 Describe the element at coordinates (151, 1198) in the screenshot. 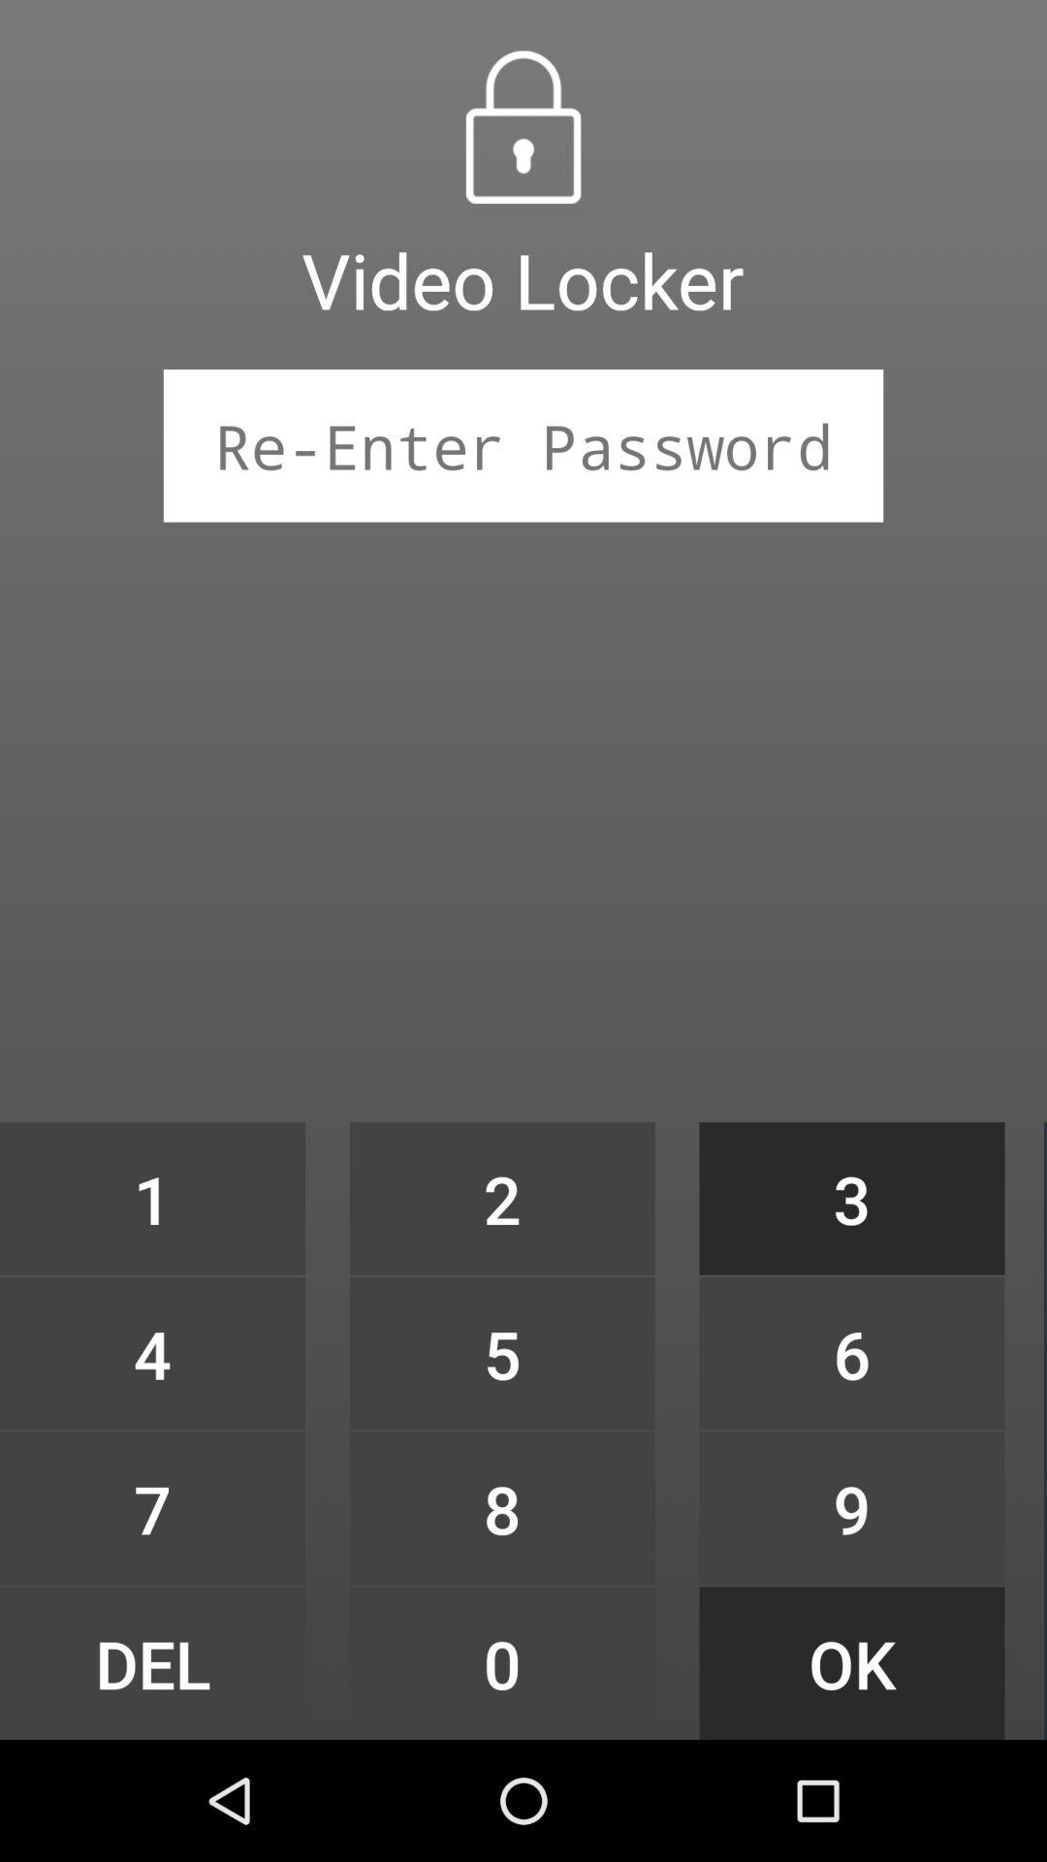

I see `icon to the left of the 2` at that location.